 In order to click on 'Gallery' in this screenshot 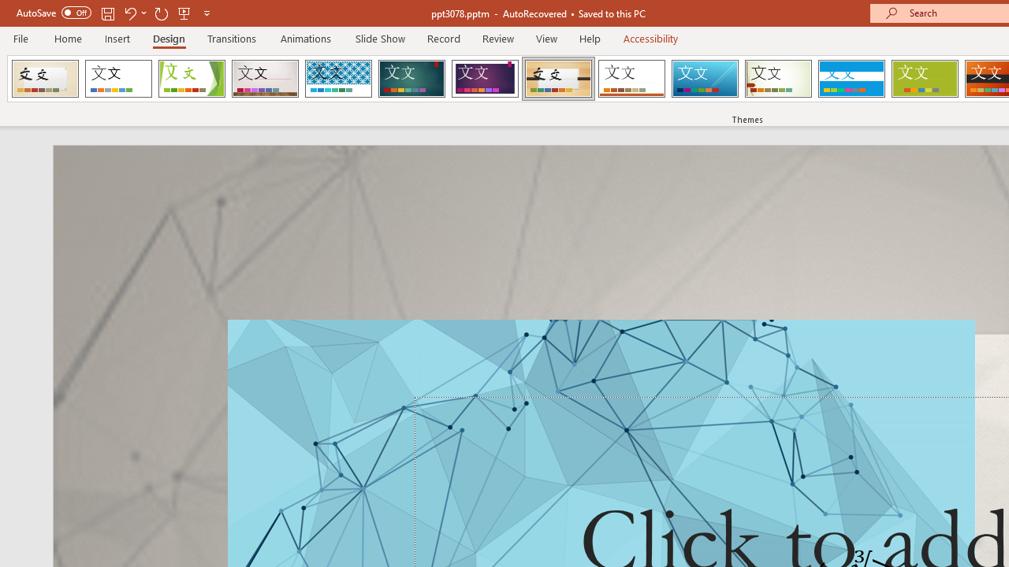, I will do `click(265, 79)`.